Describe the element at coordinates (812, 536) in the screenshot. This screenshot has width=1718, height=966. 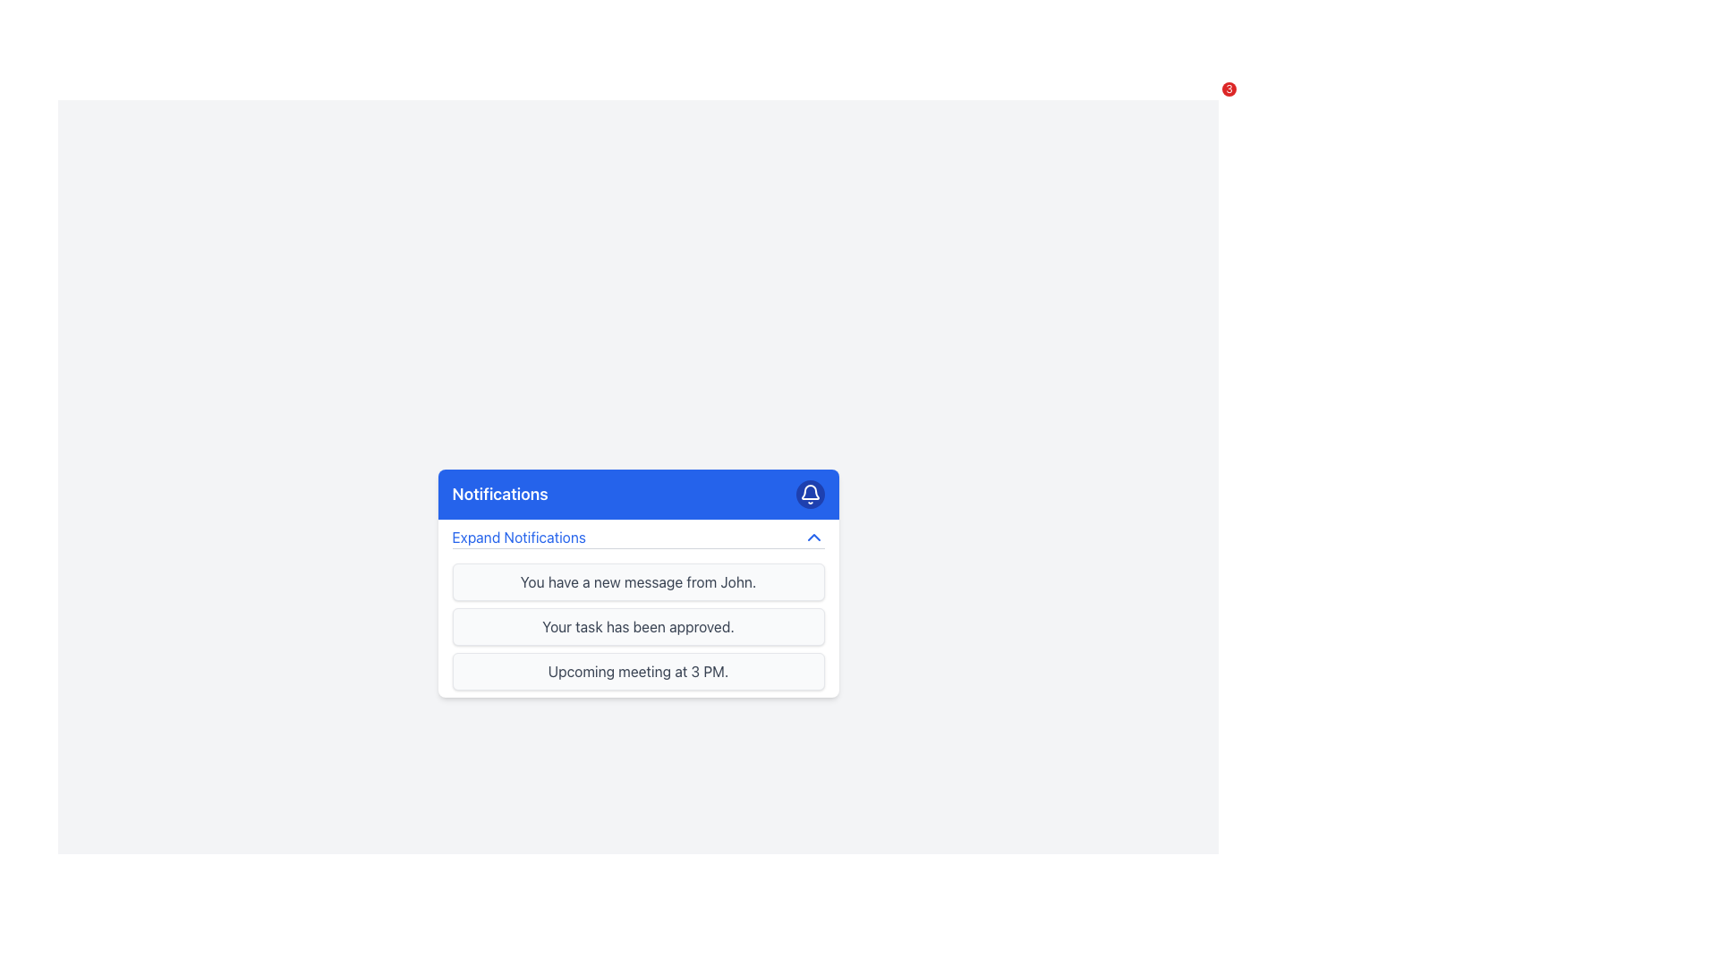
I see `the graphical indicator icon positioned in the upper-right corner of the 'Expand Notifications' section` at that location.